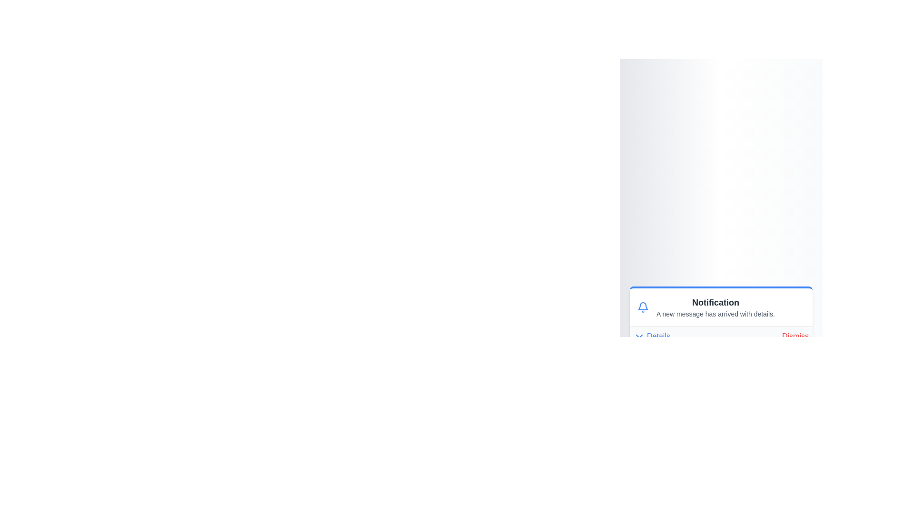 This screenshot has height=514, width=914. What do you see at coordinates (651, 335) in the screenshot?
I see `the 'Details' button to toggle the visibility of the details section` at bounding box center [651, 335].